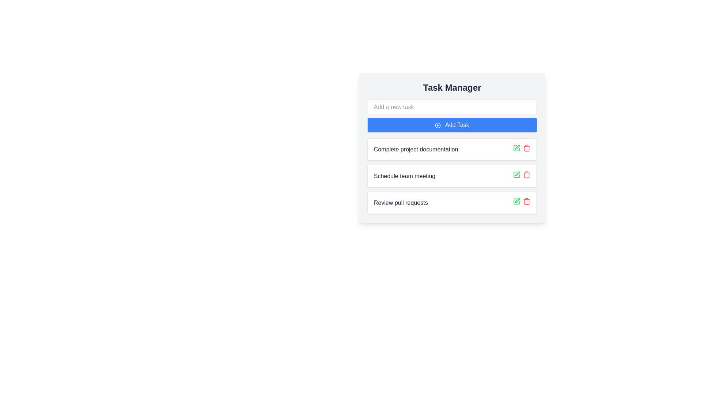  Describe the element at coordinates (527, 175) in the screenshot. I see `the main body of the trash bin icon in the task manager interface, which represents the deletion function for the task 'Schedule team meeting.'` at that location.